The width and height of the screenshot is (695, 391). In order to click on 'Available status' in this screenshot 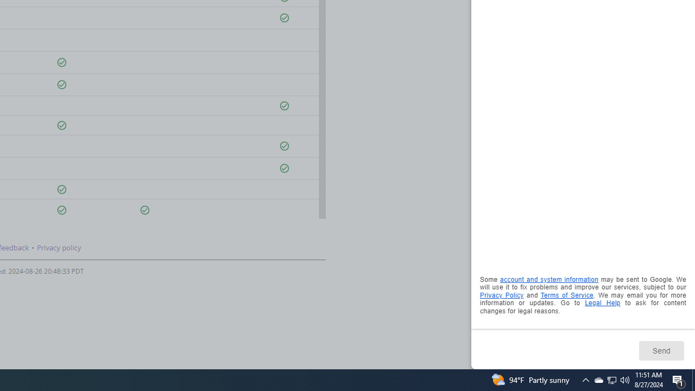, I will do `click(144, 210)`.